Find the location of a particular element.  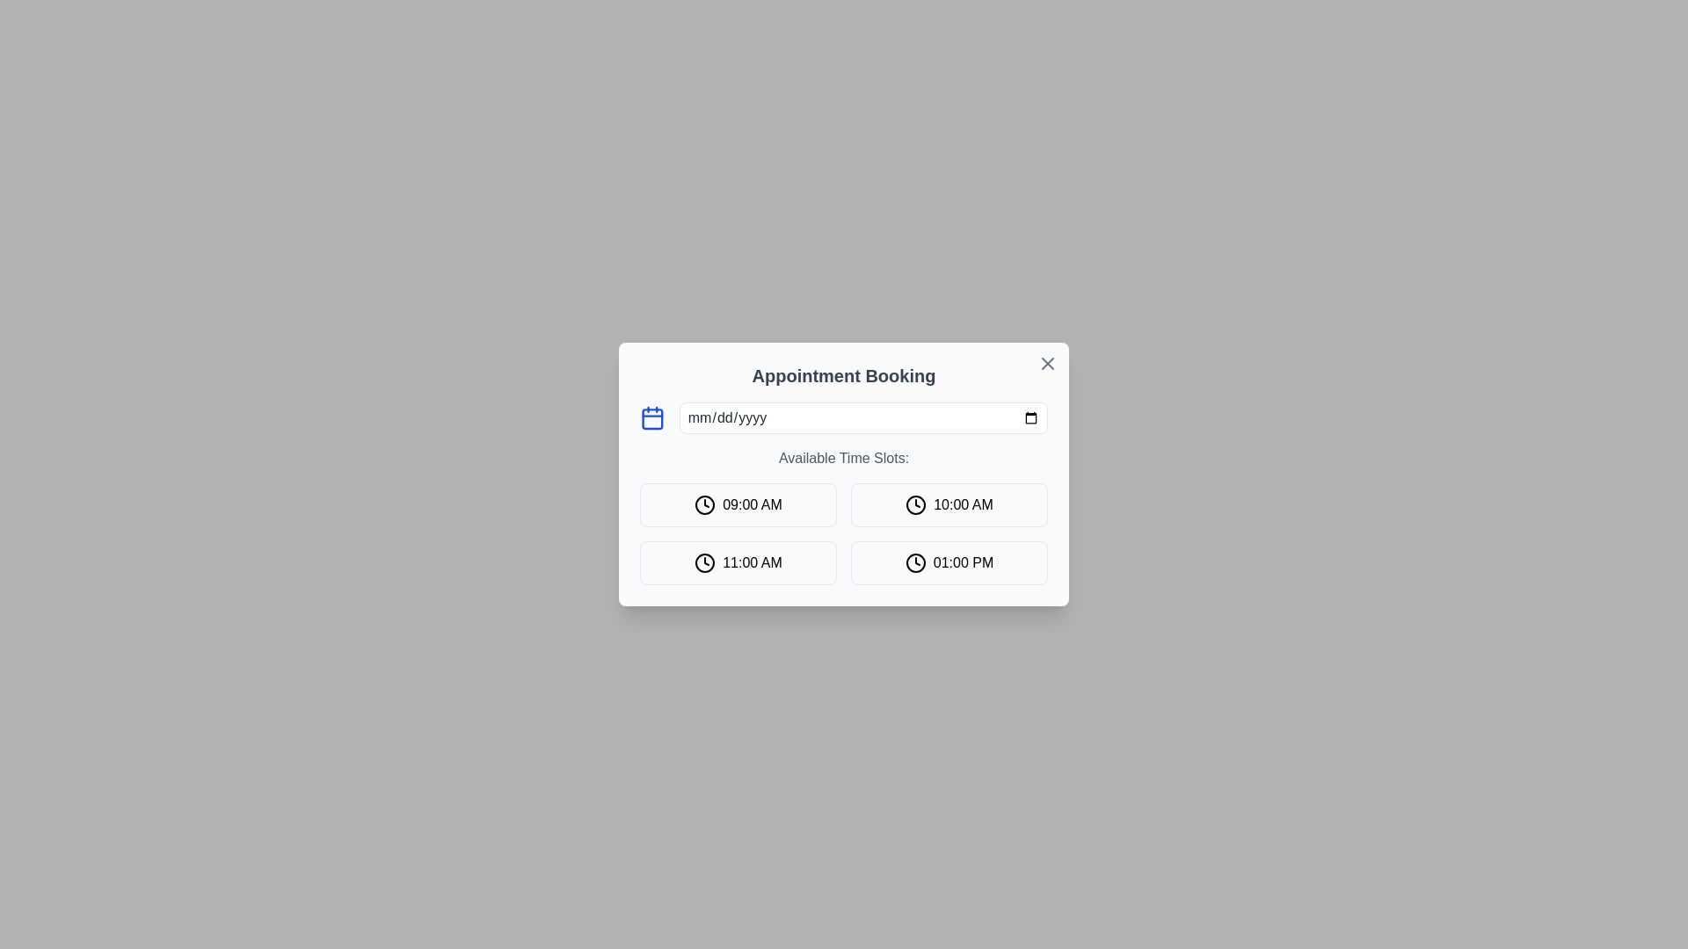

the primary display area of the calendar icon, which is centrally located within the icon and aligned with the date input field above the time slots section is located at coordinates (651, 419).